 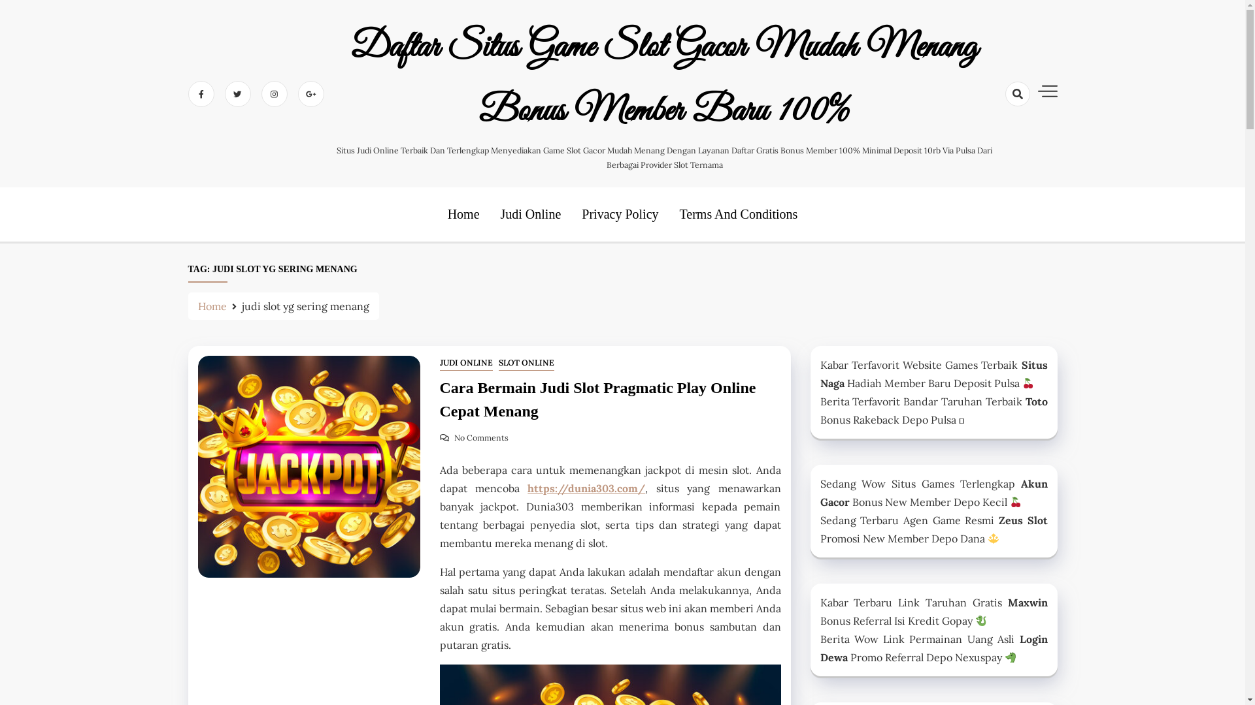 I want to click on 'https://dunia303.com/', so click(x=586, y=488).